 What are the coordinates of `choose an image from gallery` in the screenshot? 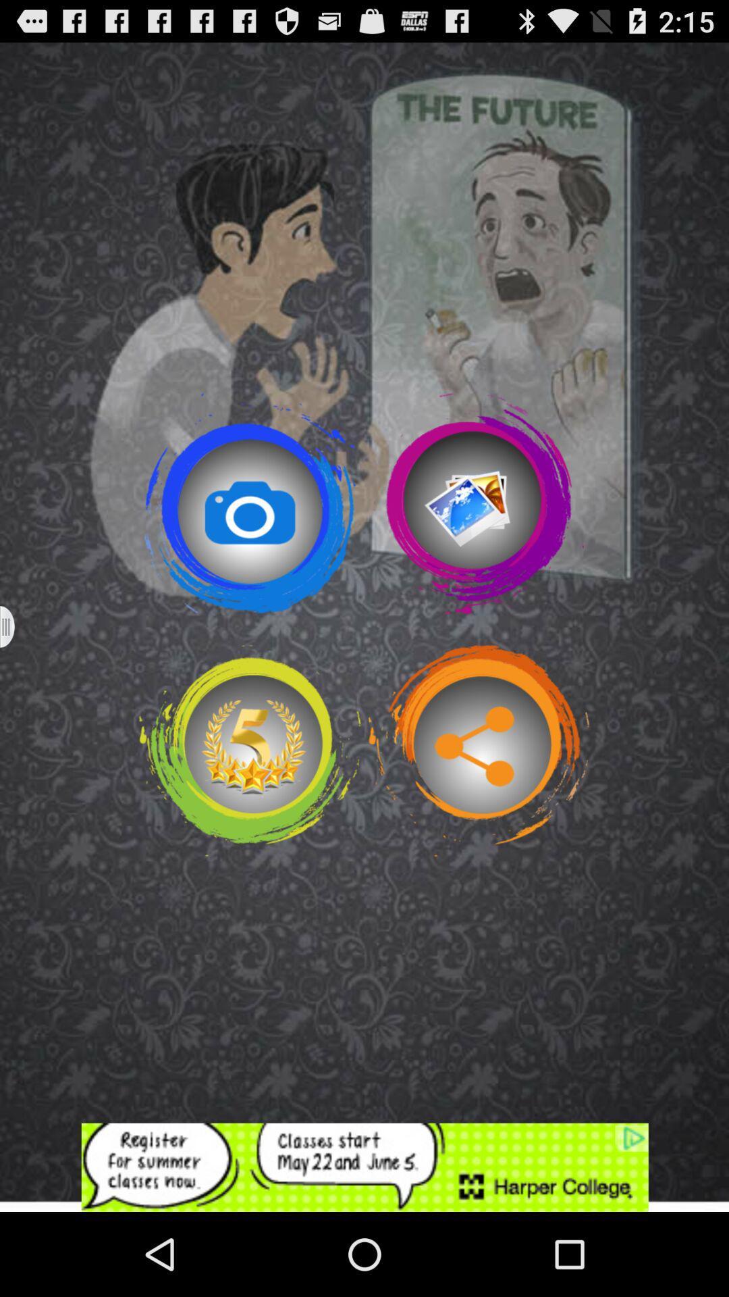 It's located at (478, 503).